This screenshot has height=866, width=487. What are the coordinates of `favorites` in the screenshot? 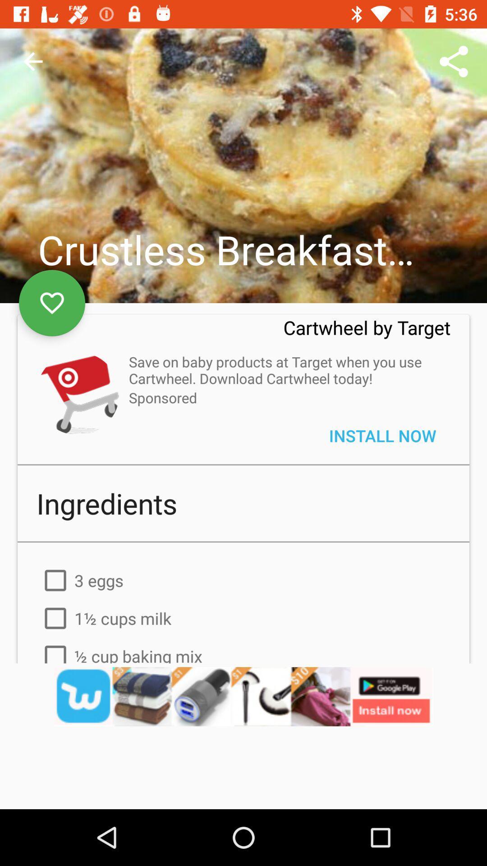 It's located at (52, 303).